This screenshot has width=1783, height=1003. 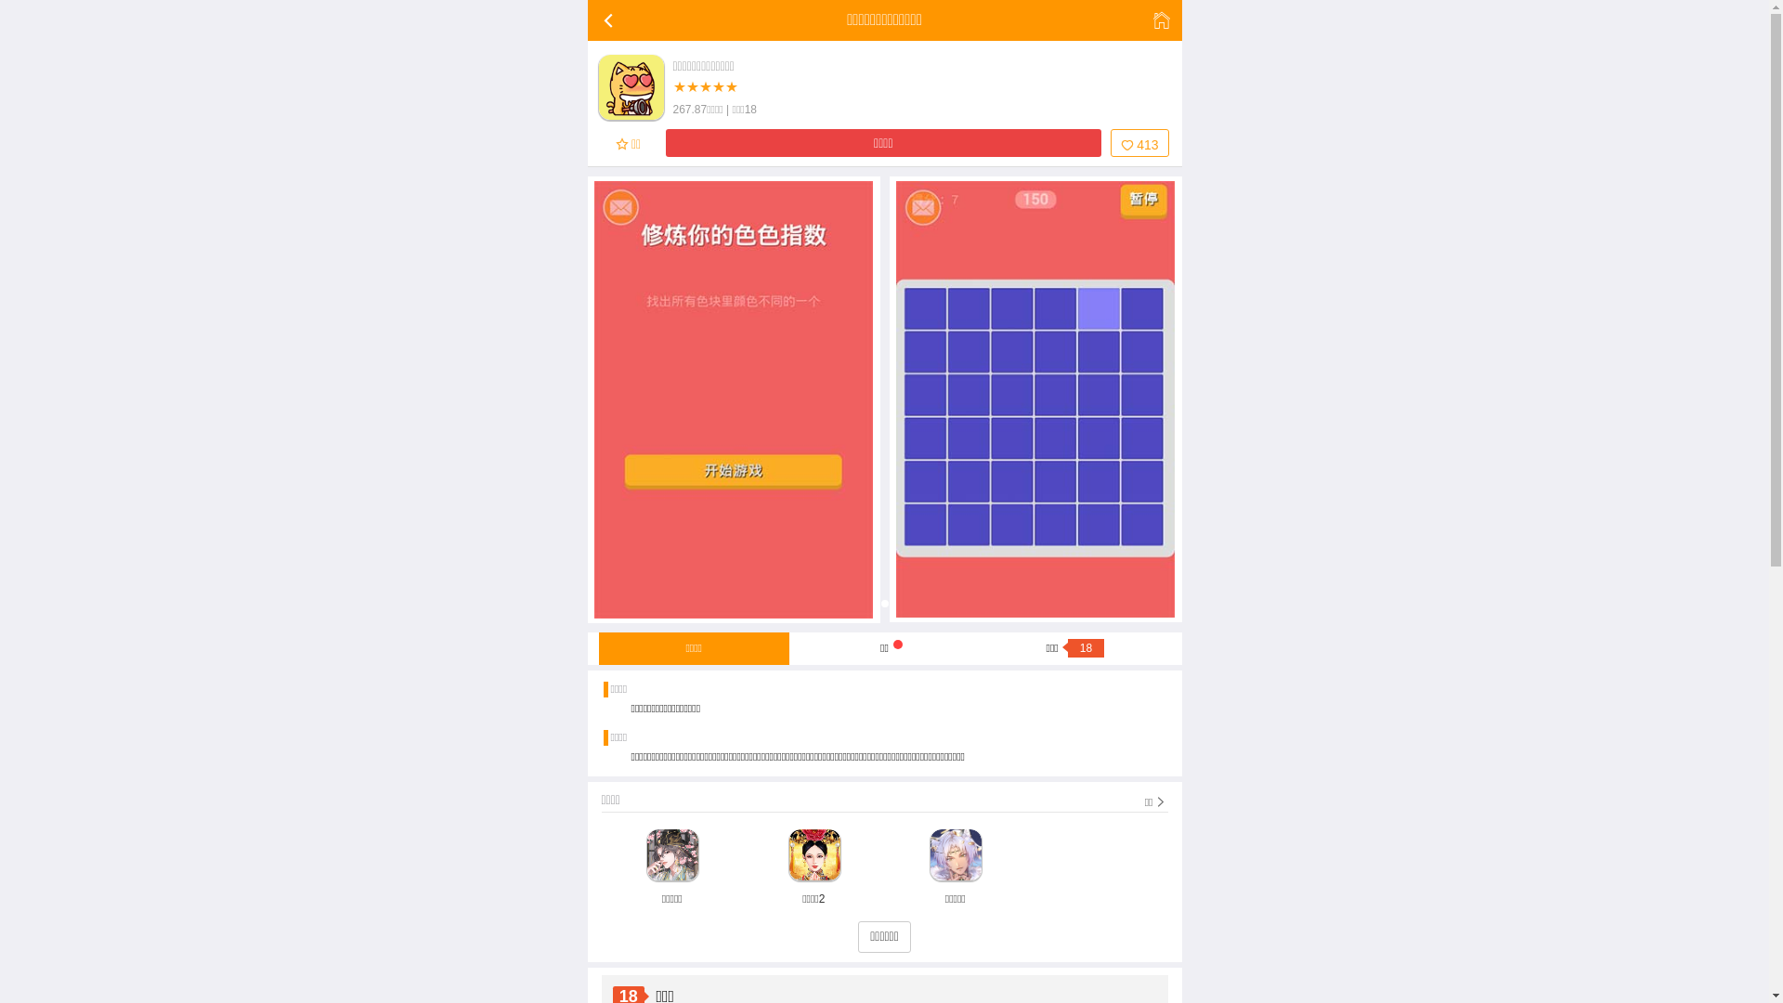 I want to click on '413', so click(x=1110, y=142).